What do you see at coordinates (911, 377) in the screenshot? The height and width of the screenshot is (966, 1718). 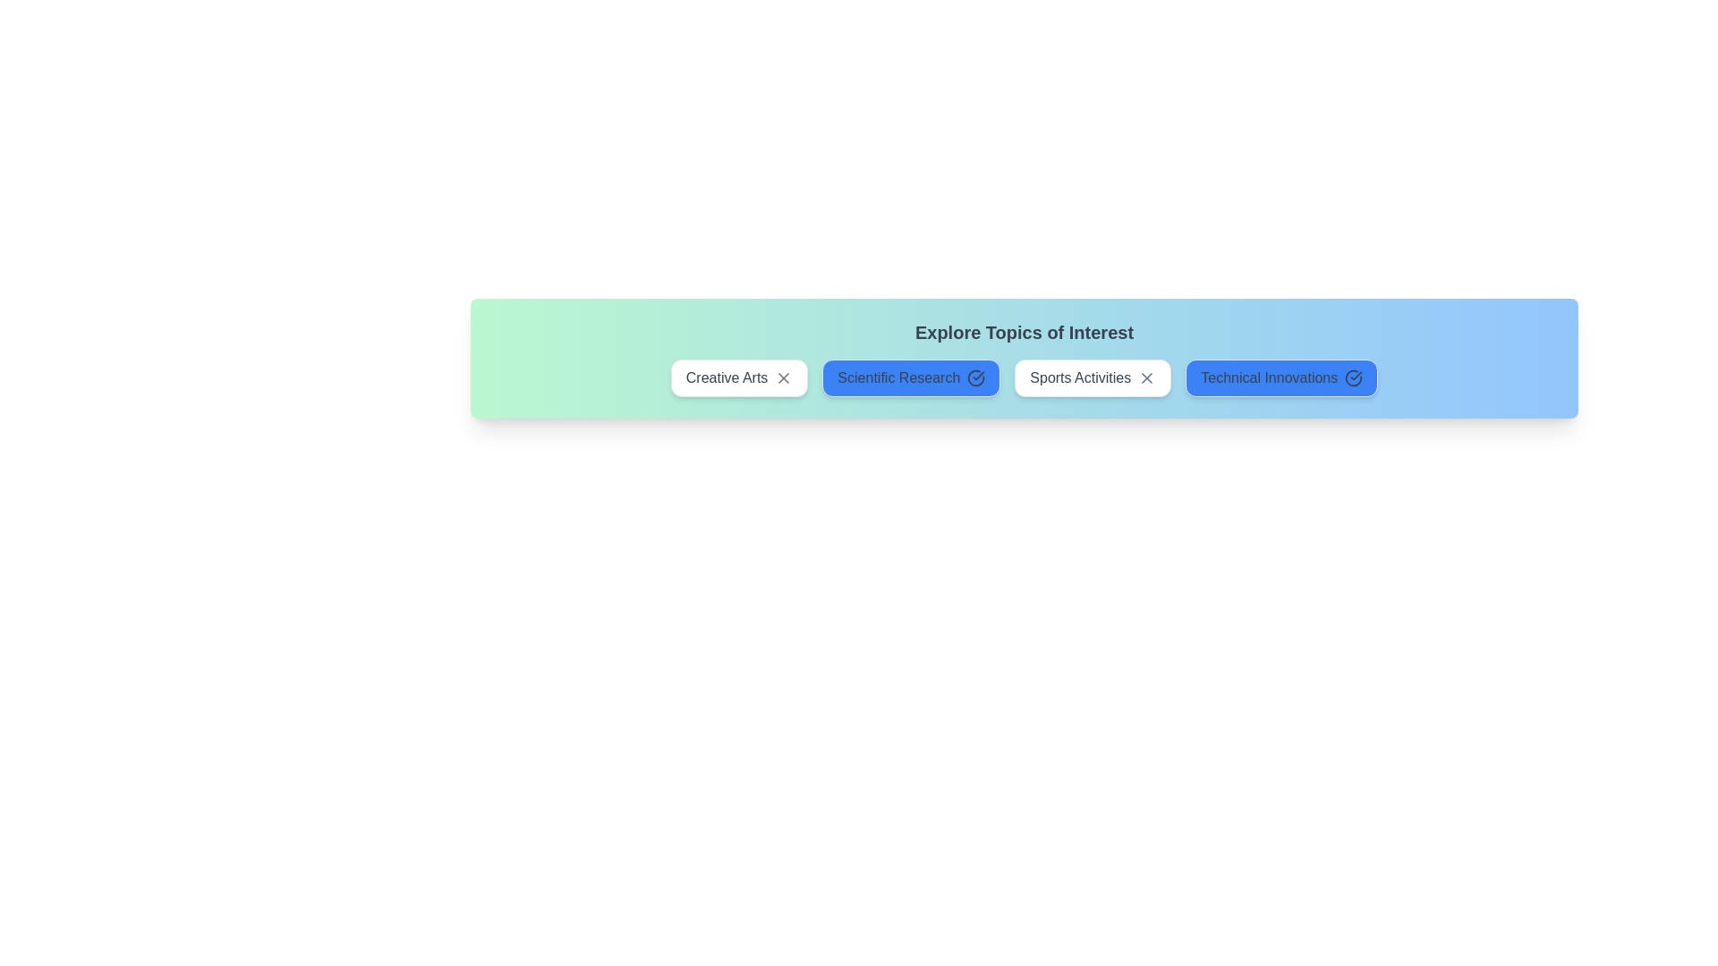 I see `the chip labeled Scientific Research` at bounding box center [911, 377].